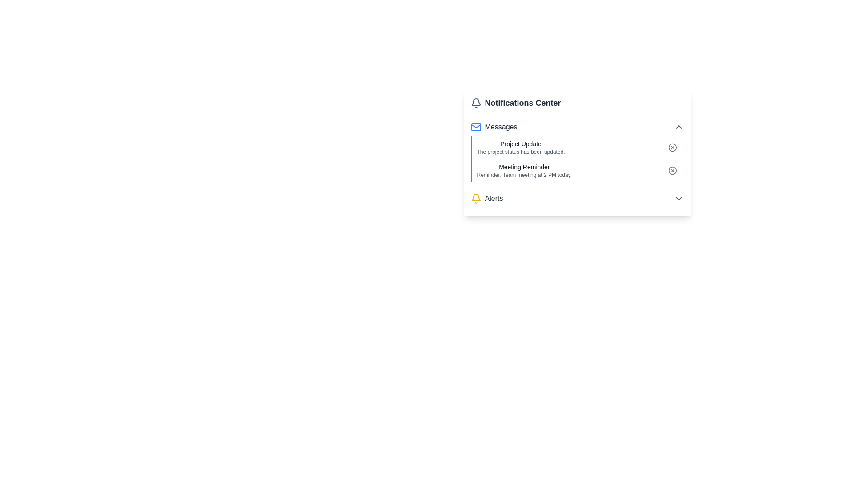 Image resolution: width=853 pixels, height=480 pixels. Describe the element at coordinates (577, 198) in the screenshot. I see `the Expandable button labeled 'Alerts' located at the bottom of the notification card` at that location.